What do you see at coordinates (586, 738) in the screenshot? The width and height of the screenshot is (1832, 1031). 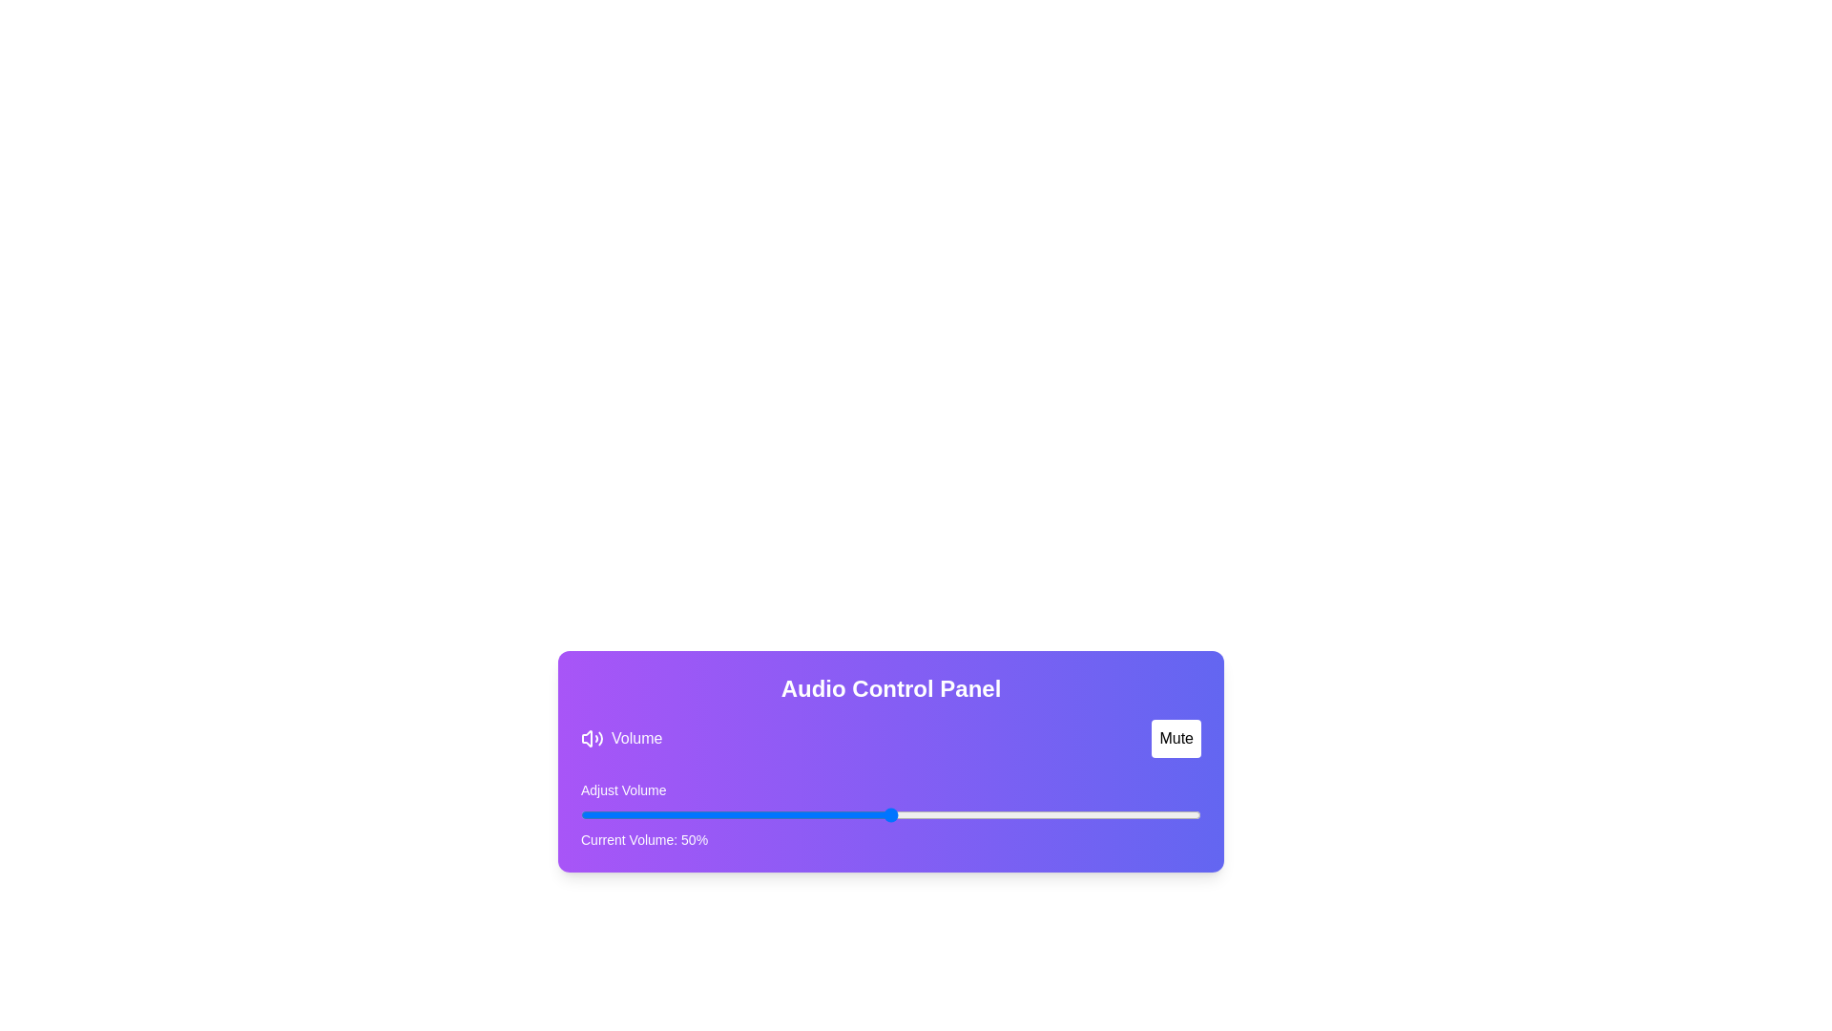 I see `the decorative speaker icon in the Audio Control Panel, located near the text 'Volume'` at bounding box center [586, 738].